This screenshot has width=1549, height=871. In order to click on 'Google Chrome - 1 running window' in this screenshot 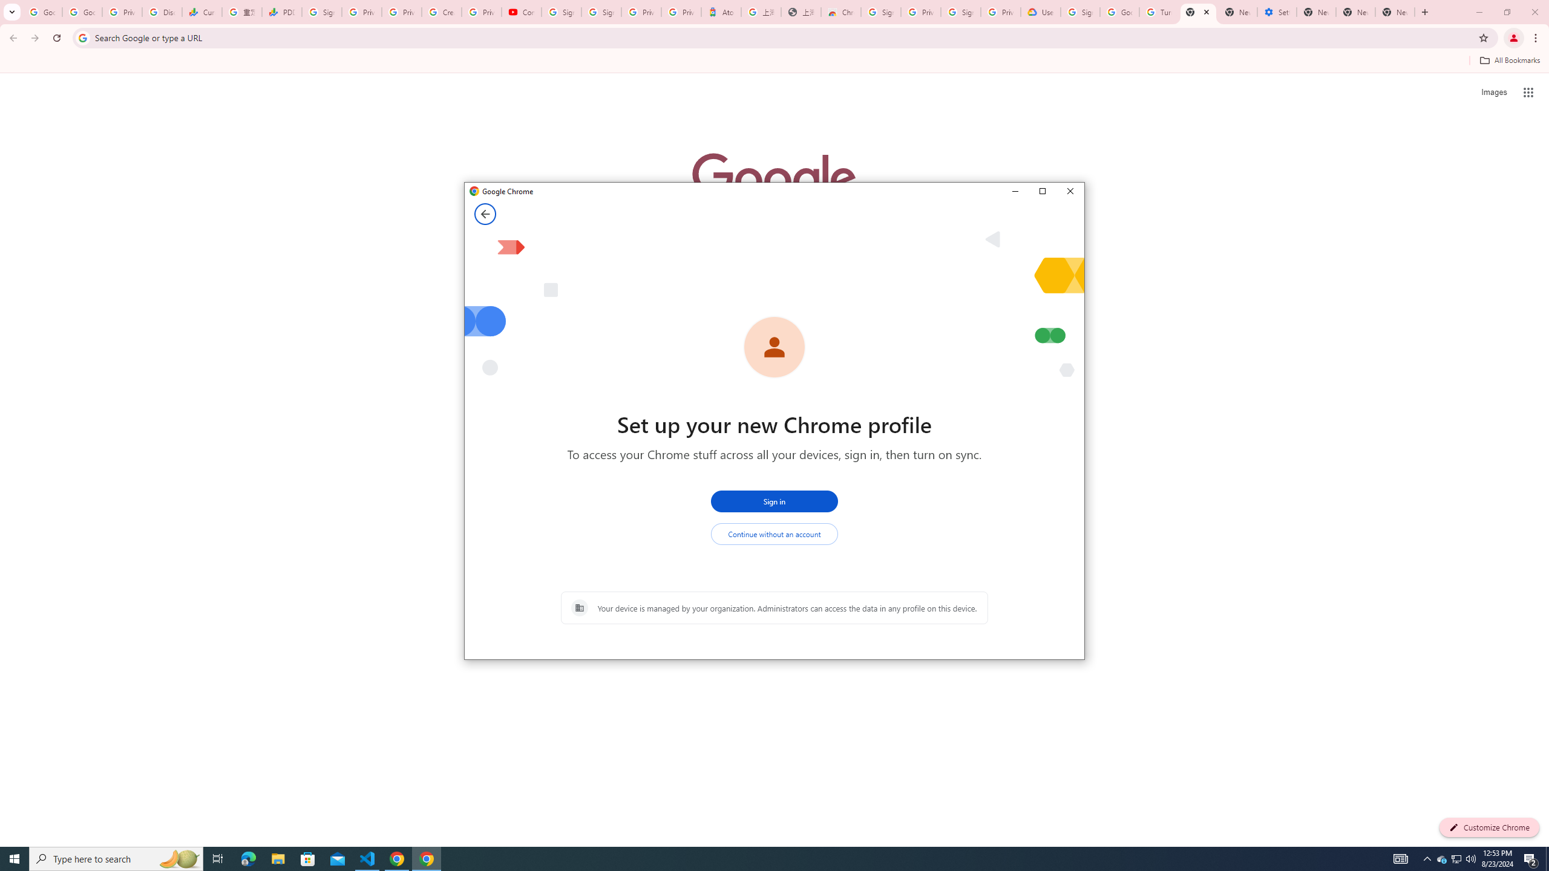, I will do `click(427, 858)`.